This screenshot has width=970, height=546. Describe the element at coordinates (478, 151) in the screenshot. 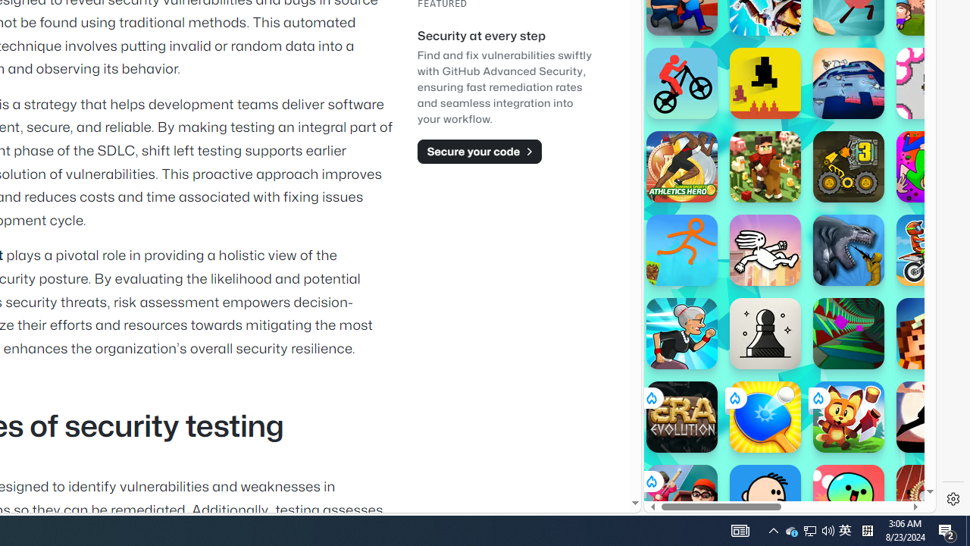

I see `'Secure your code'` at that location.